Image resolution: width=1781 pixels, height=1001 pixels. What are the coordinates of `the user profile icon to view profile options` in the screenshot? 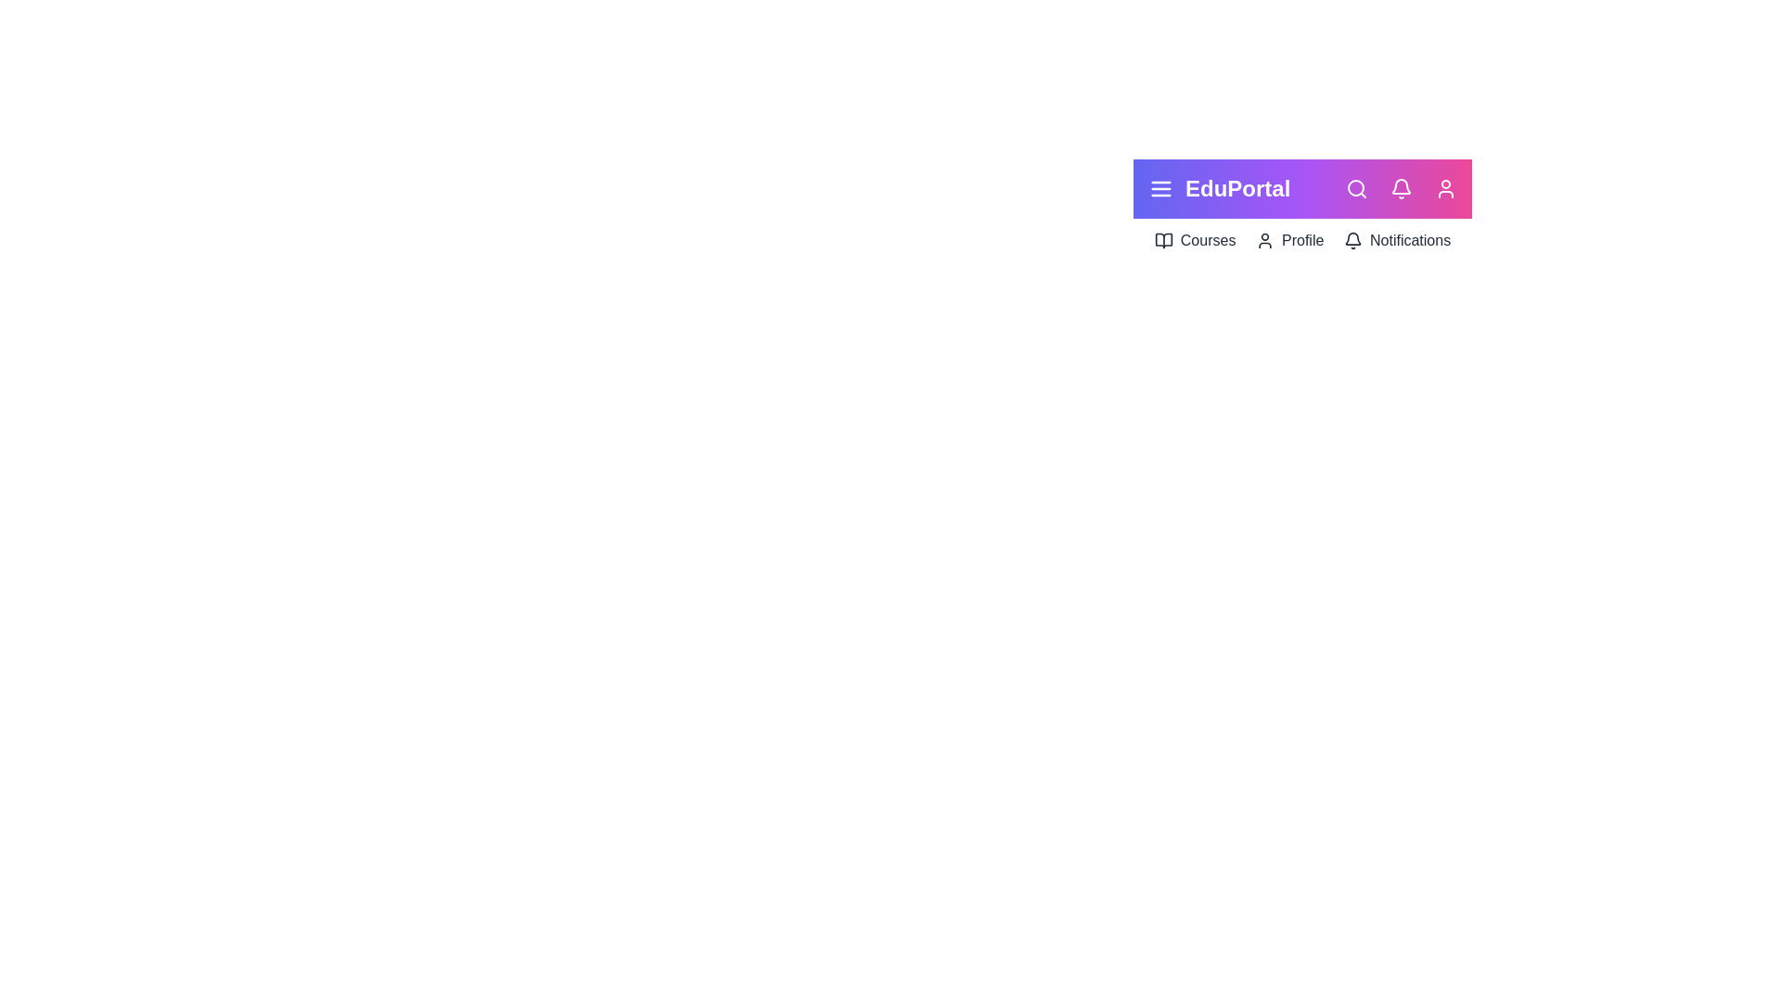 It's located at (1445, 189).